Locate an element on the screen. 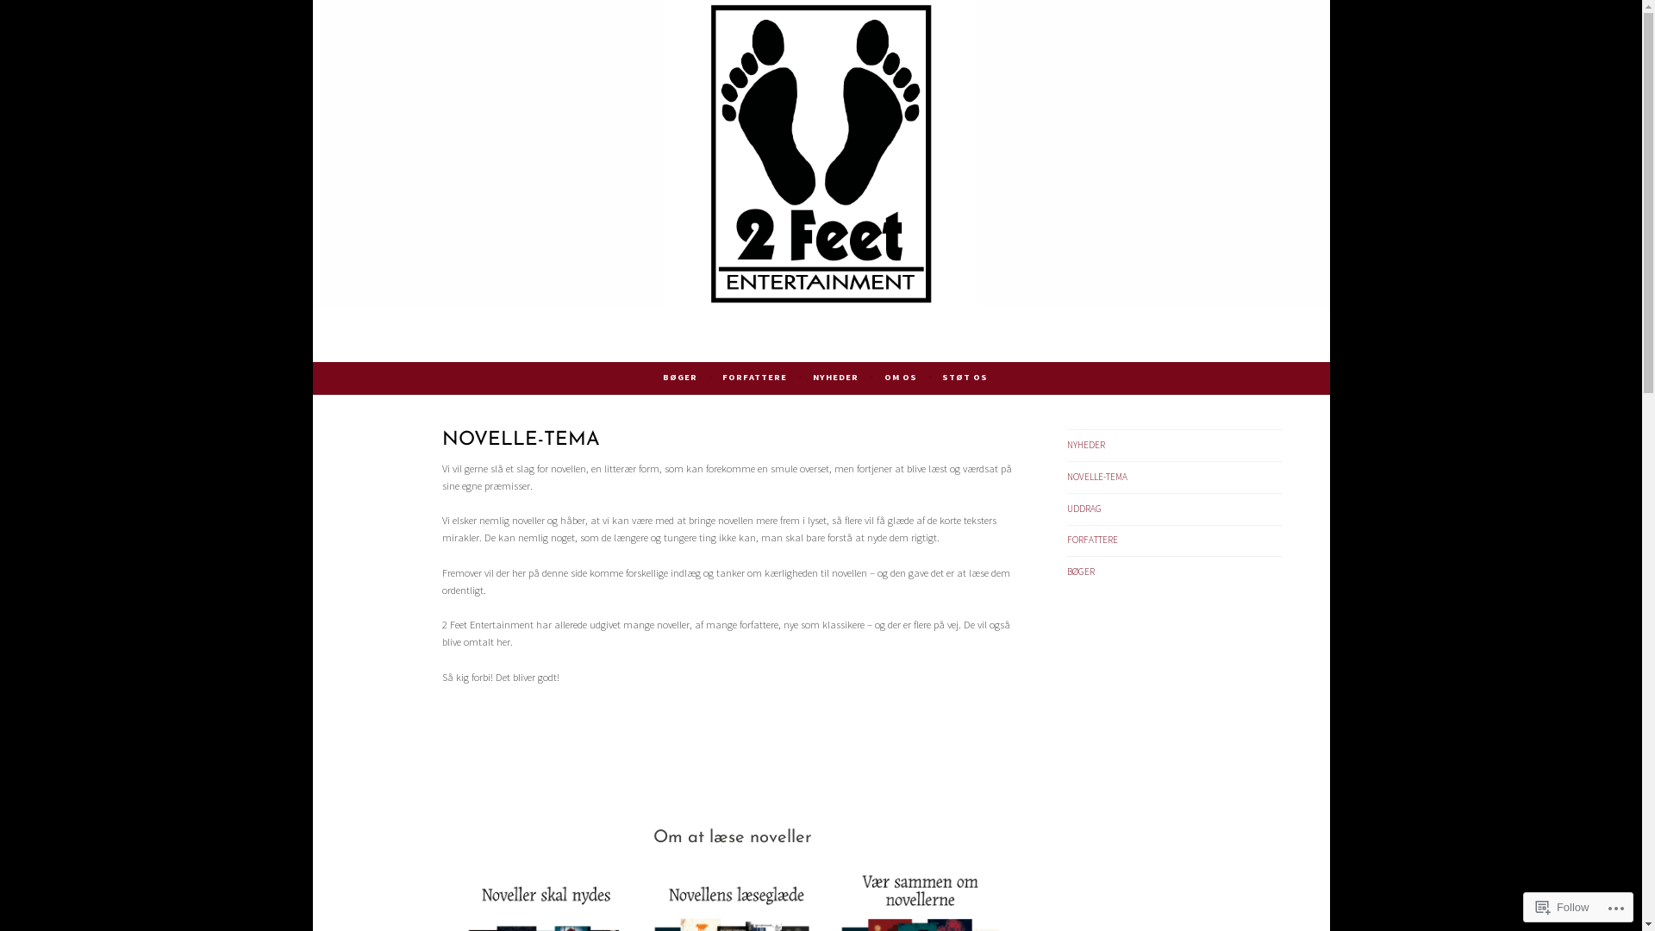 The height and width of the screenshot is (931, 1655). 'UDDRAG' is located at coordinates (1066, 508).